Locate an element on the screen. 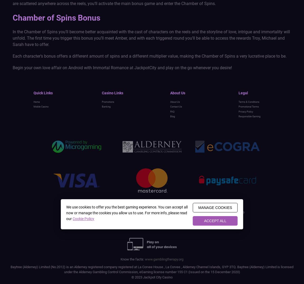  'Privacy Policy' is located at coordinates (245, 111).